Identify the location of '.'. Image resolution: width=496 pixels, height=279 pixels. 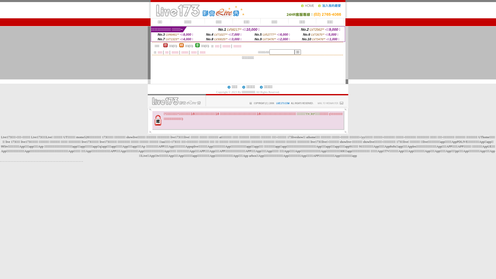
(74, 160).